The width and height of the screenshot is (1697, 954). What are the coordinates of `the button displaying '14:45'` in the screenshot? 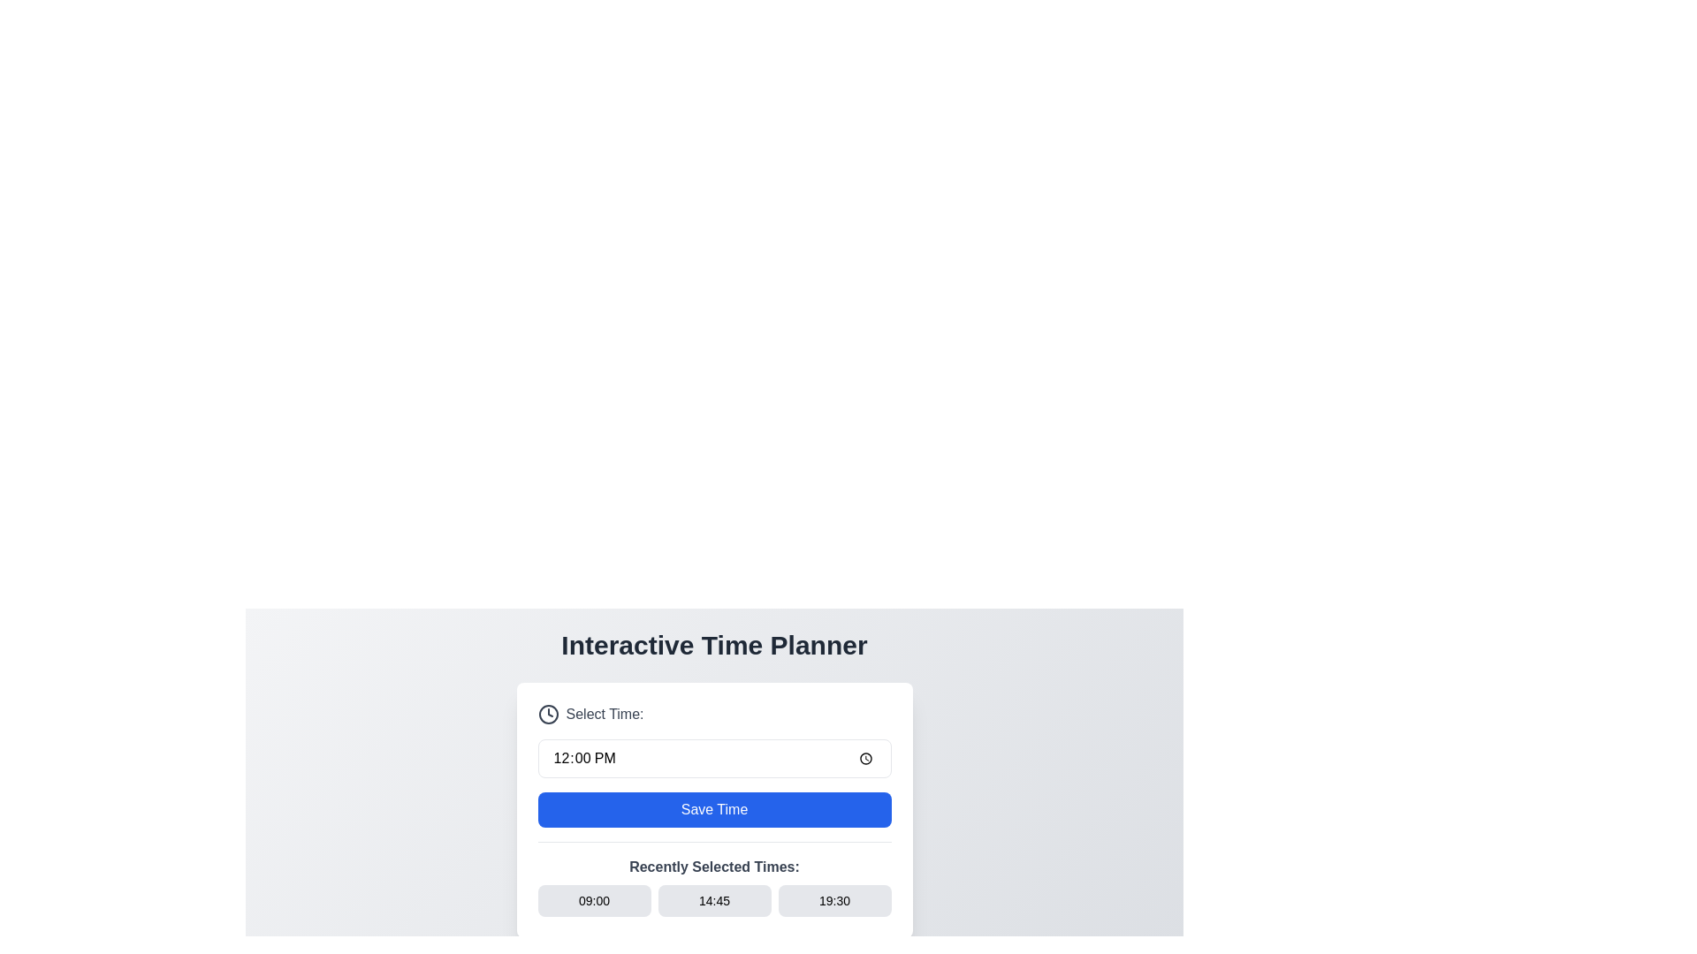 It's located at (714, 900).